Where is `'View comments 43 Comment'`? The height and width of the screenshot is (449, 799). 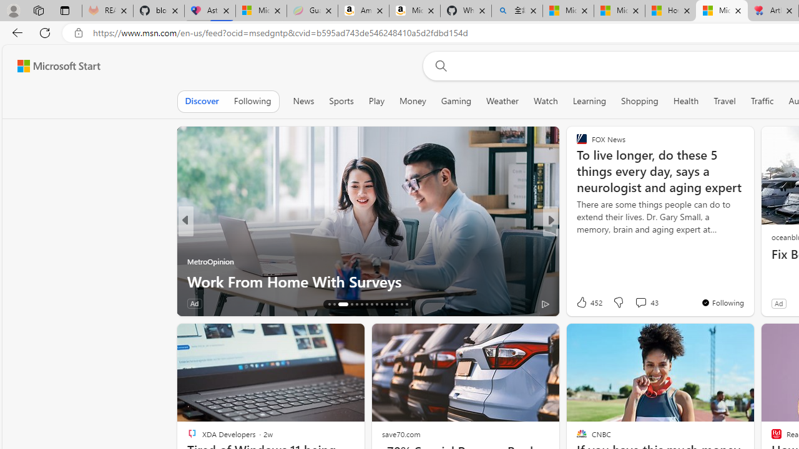 'View comments 43 Comment' is located at coordinates (646, 302).